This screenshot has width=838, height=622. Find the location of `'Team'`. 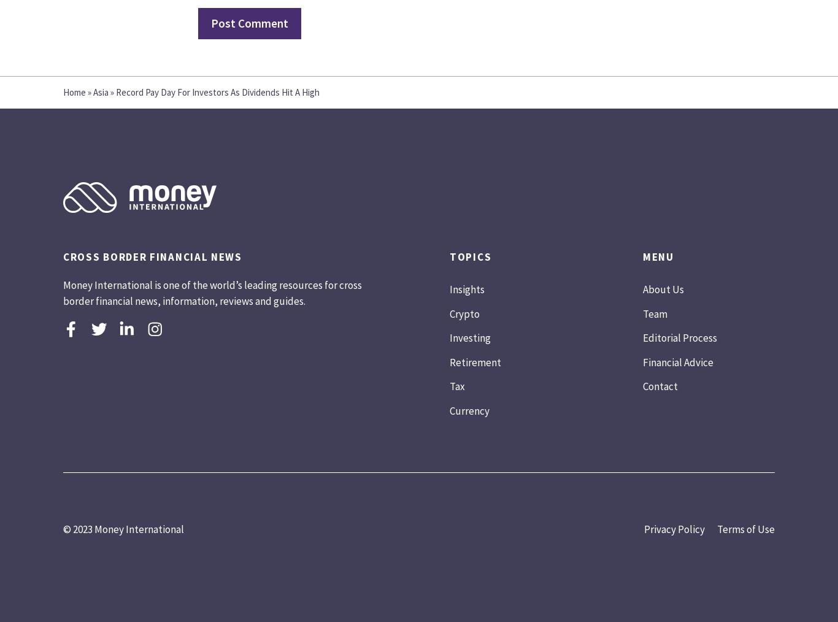

'Team' is located at coordinates (654, 312).